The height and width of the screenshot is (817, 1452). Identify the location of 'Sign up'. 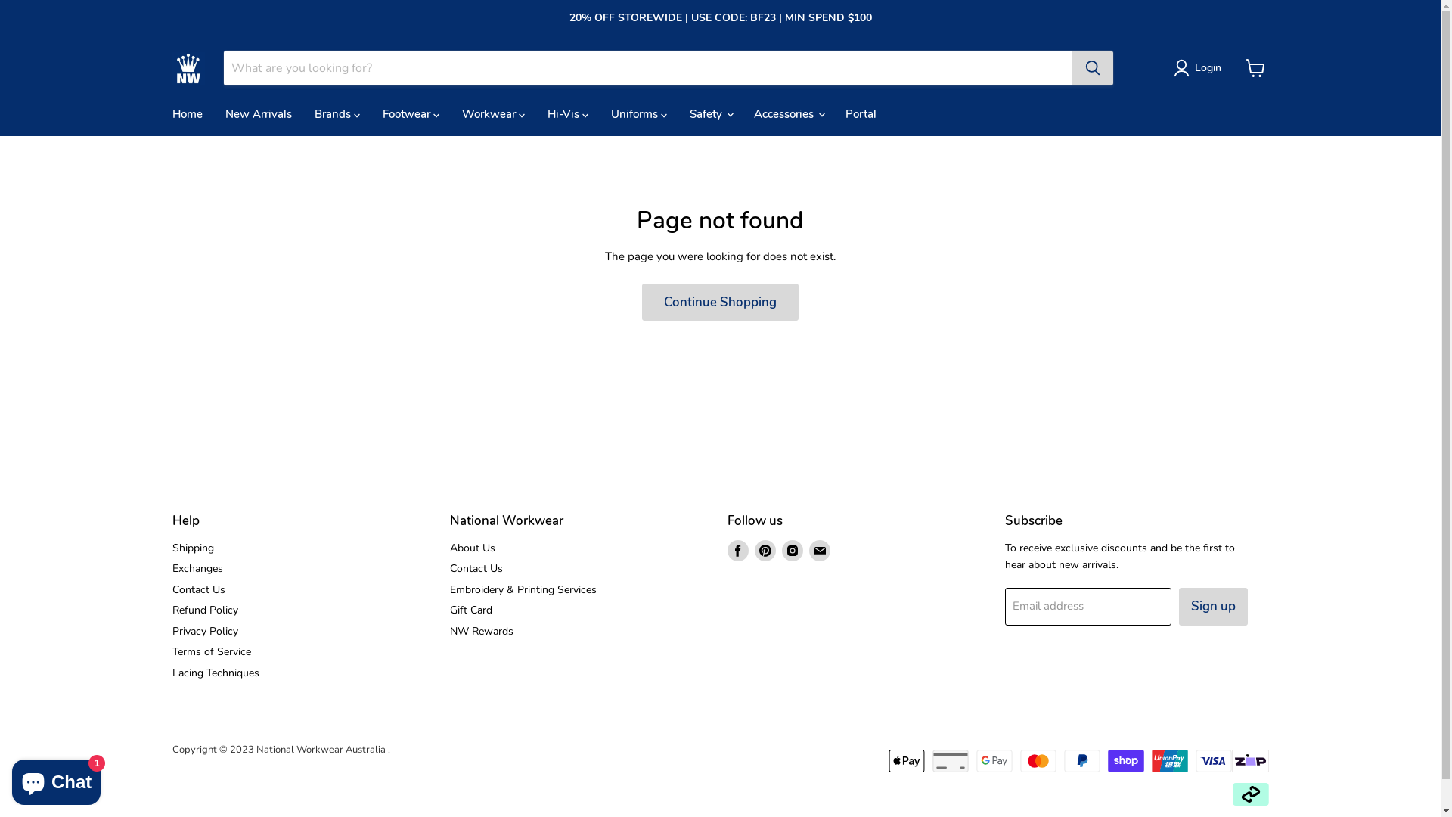
(1213, 605).